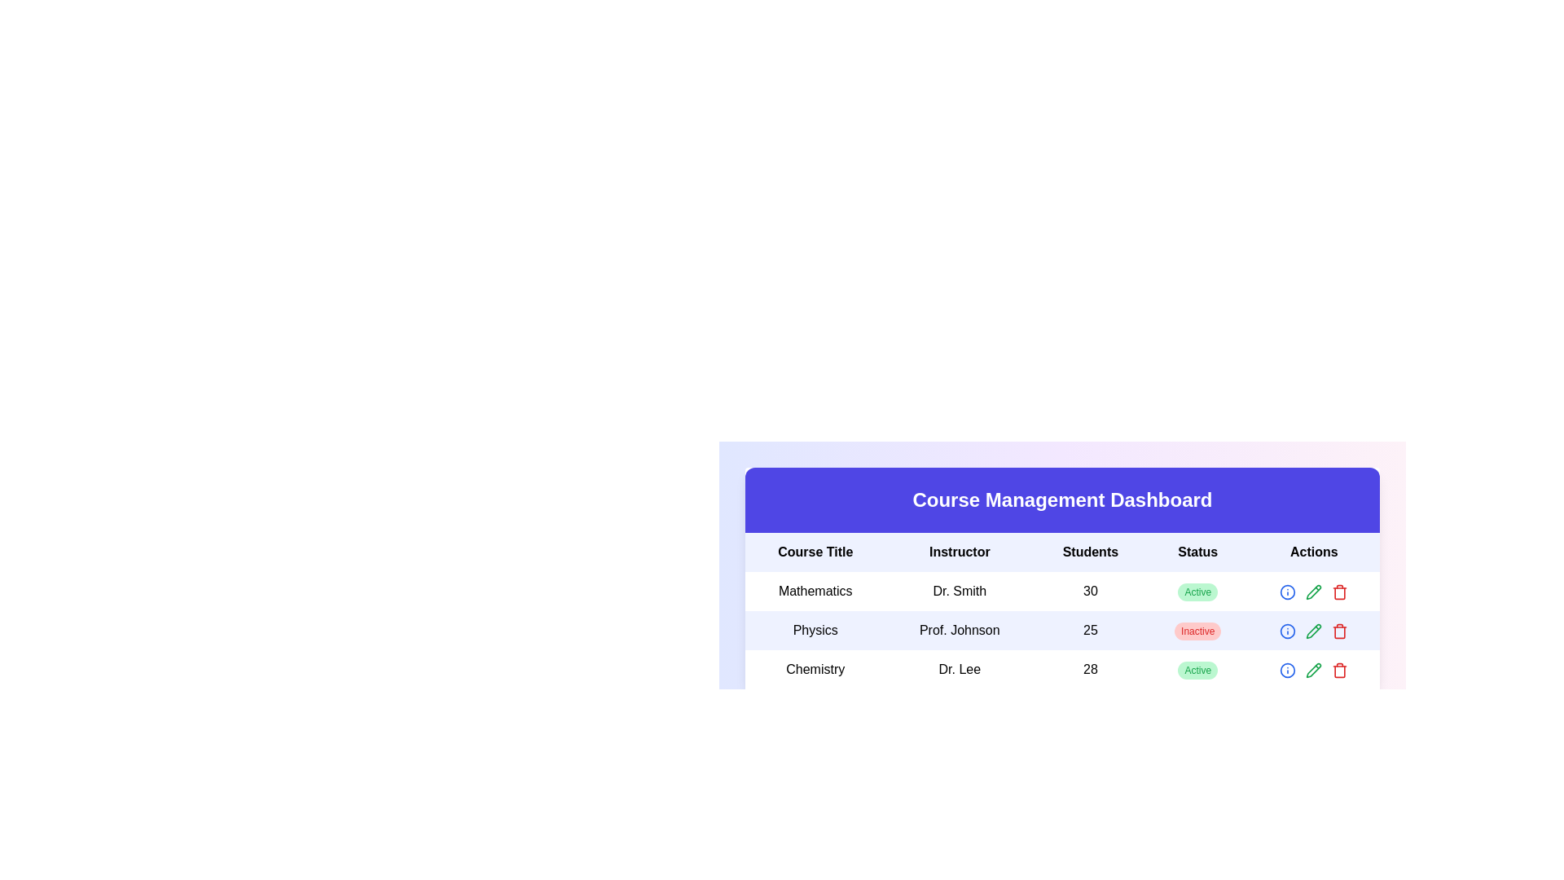 This screenshot has width=1564, height=880. What do you see at coordinates (1314, 670) in the screenshot?
I see `the pencil icon in the Actions column of the Chemistry row to initiate editing` at bounding box center [1314, 670].